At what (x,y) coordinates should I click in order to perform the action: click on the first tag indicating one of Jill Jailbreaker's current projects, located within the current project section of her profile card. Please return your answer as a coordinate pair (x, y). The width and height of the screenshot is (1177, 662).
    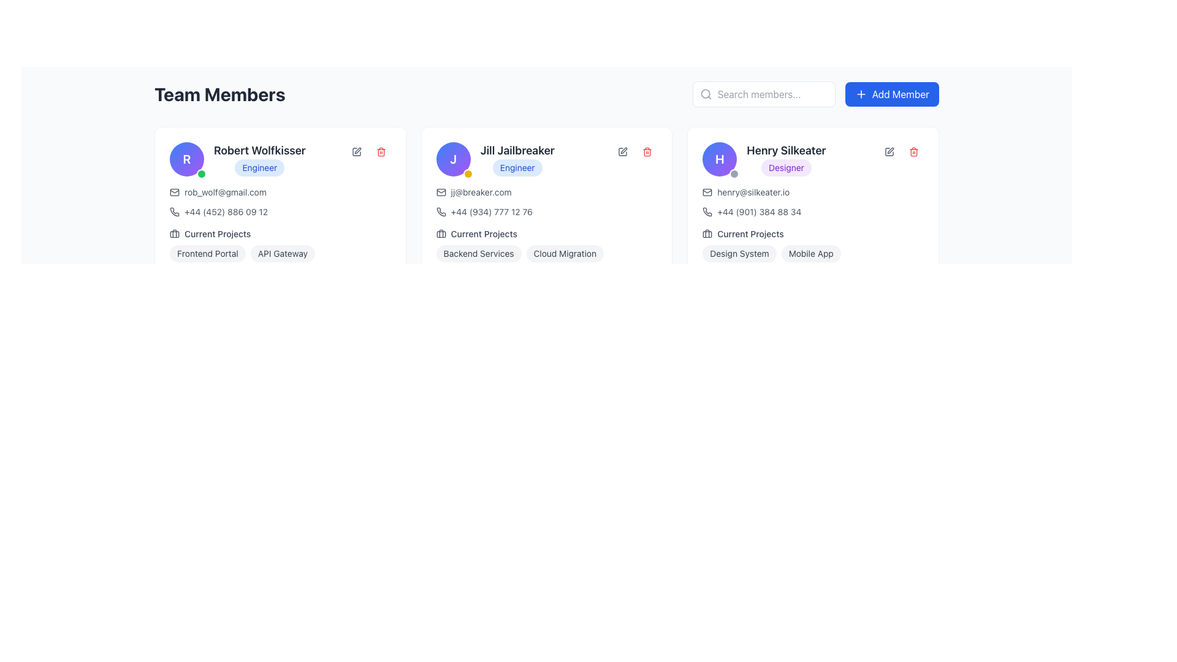
    Looking at the image, I should click on (478, 253).